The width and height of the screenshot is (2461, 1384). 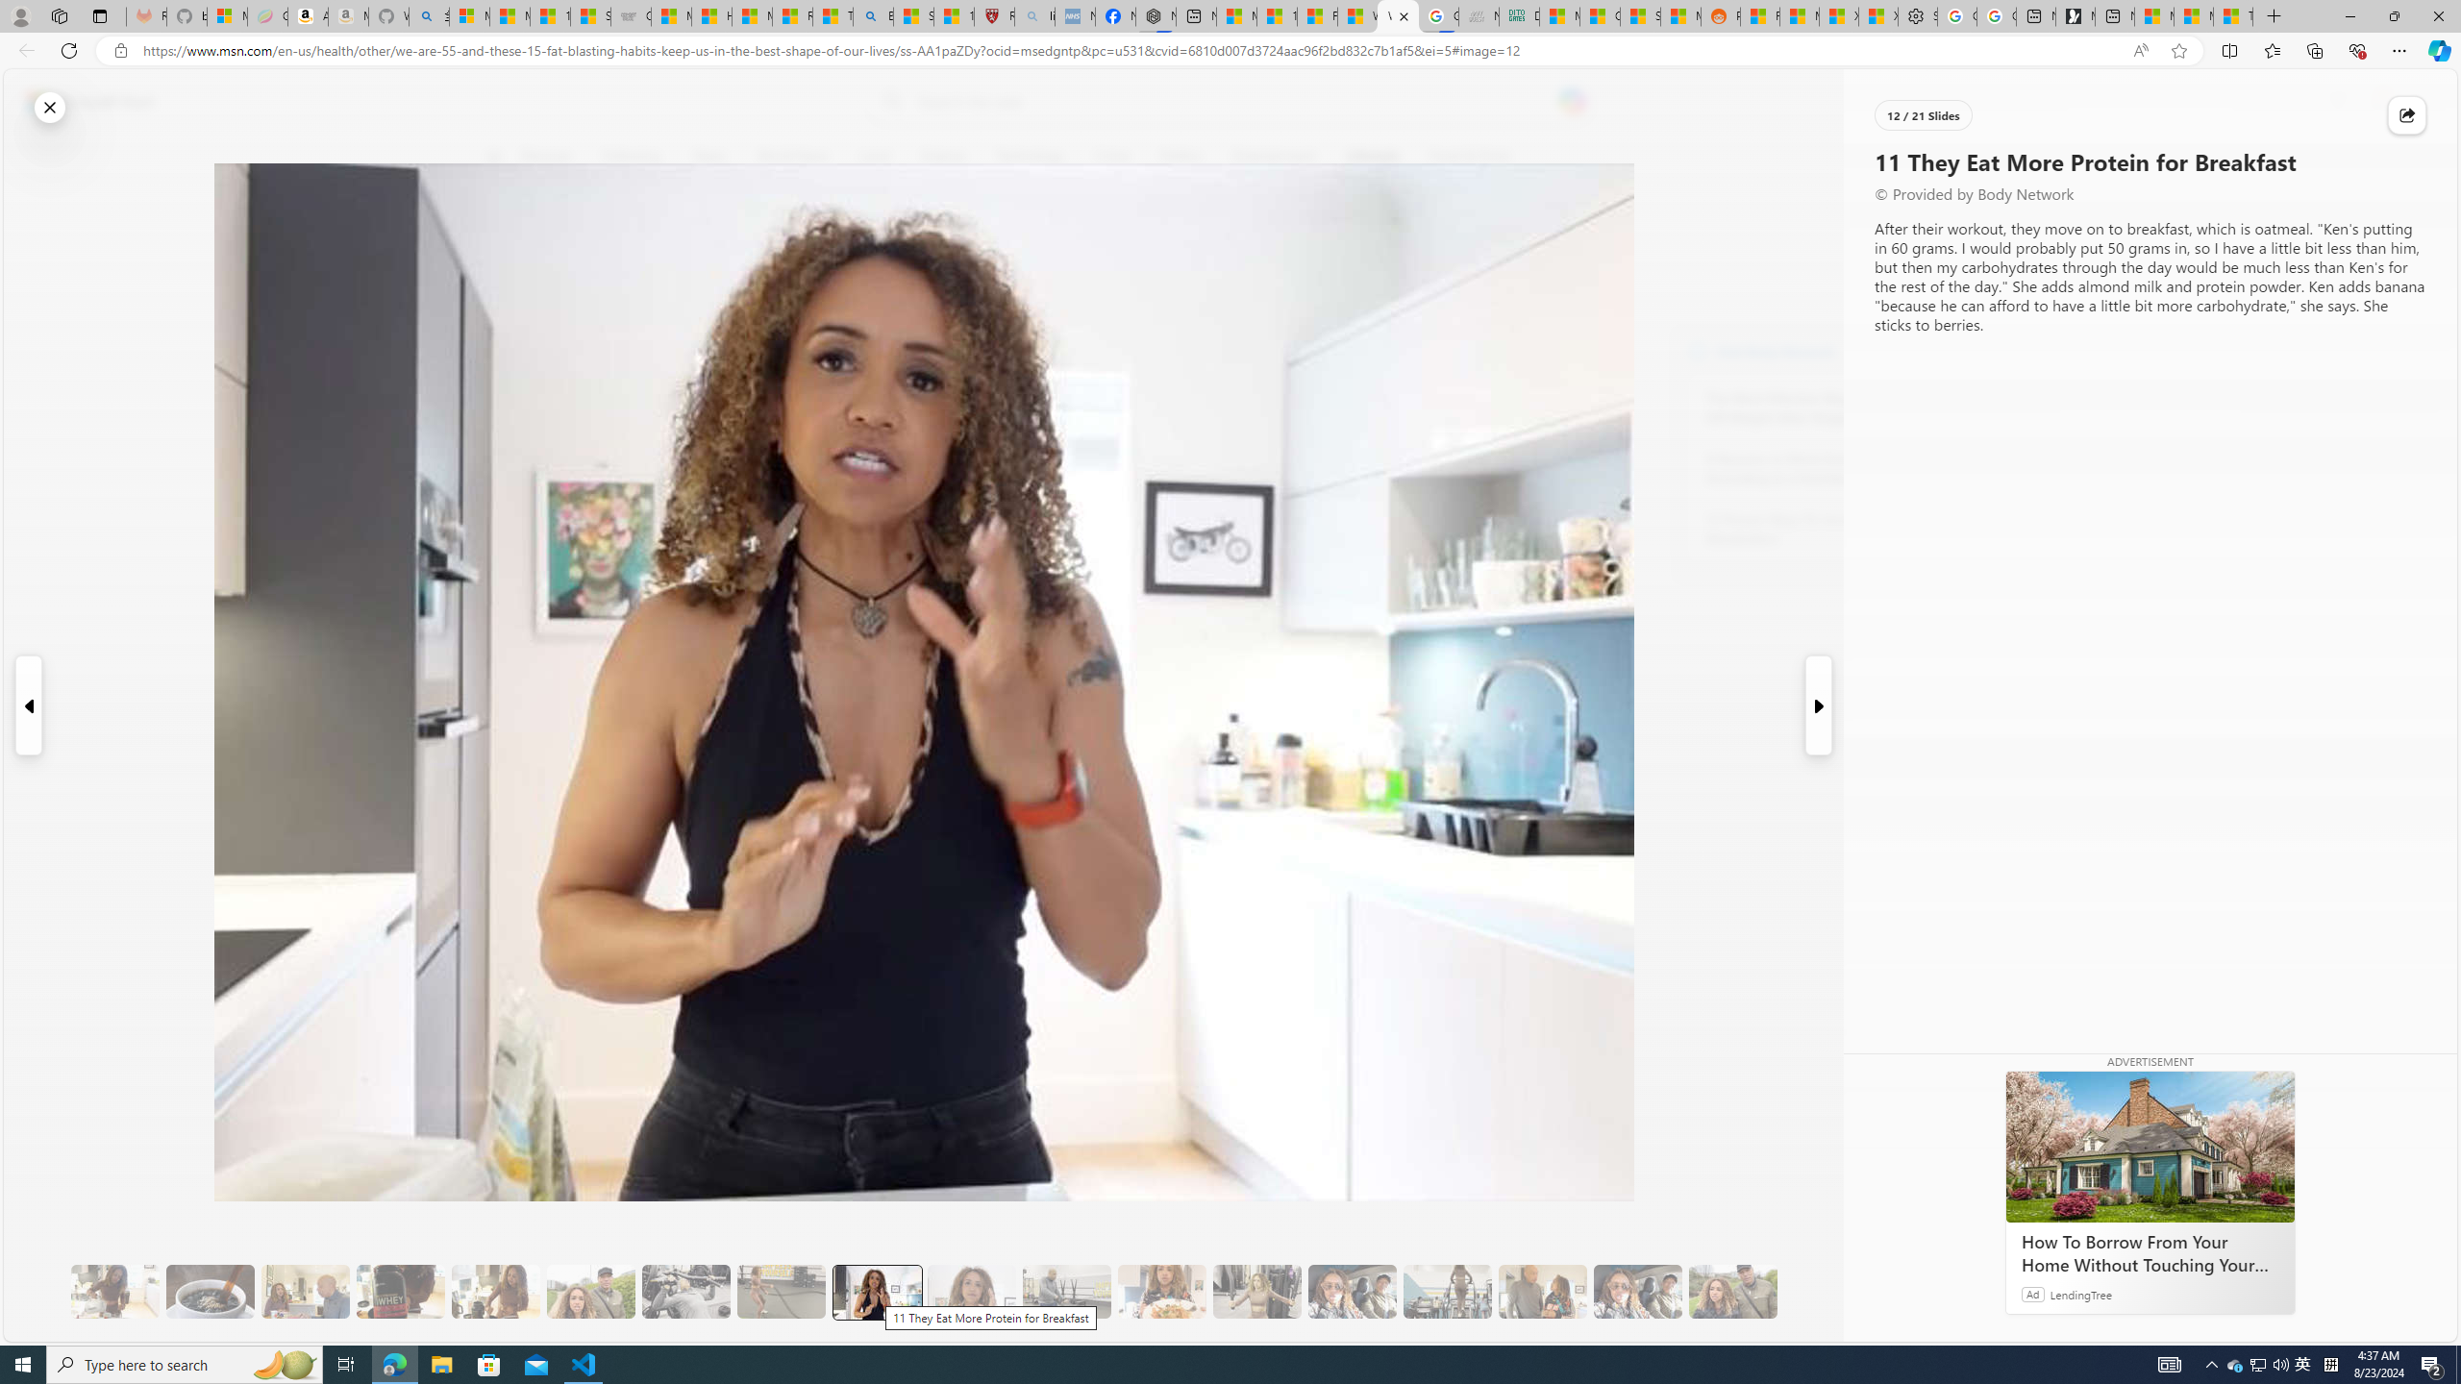 I want to click on '14 They Have Salmon and Veggies for Dinner', so click(x=1160, y=1292).